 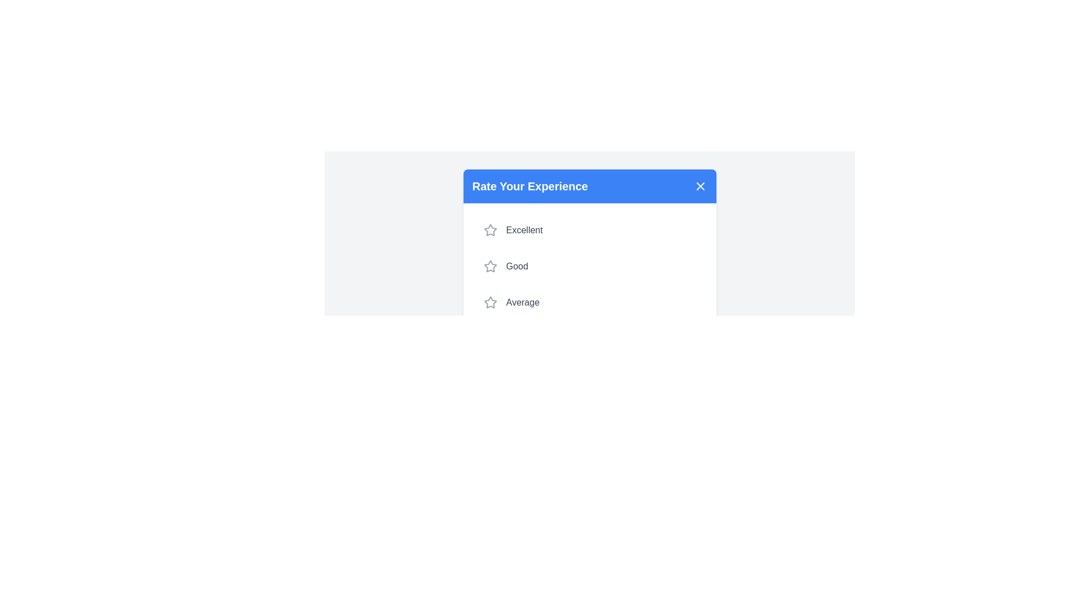 I want to click on the rating option Excellent from the list, so click(x=589, y=230).